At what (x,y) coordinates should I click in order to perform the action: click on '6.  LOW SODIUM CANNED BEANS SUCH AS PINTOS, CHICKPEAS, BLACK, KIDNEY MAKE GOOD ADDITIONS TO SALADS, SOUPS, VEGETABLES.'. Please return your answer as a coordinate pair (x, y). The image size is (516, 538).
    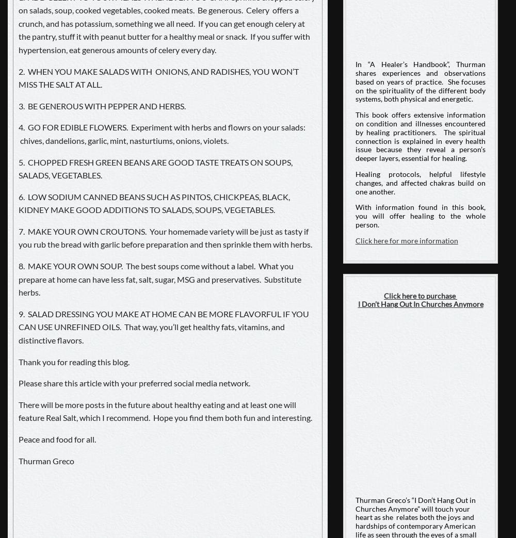
    Looking at the image, I should click on (154, 203).